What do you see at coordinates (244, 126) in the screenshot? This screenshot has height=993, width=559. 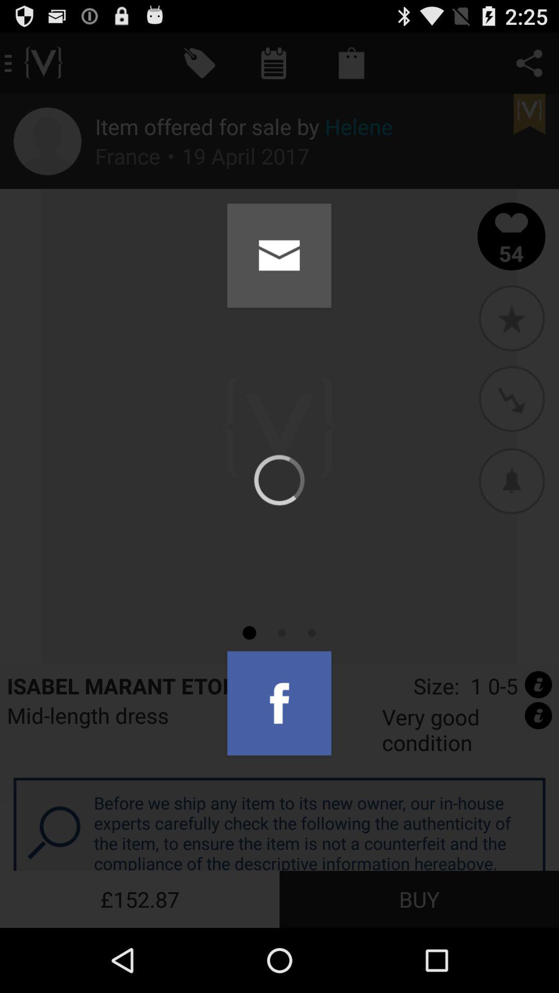 I see `icon above the france` at bounding box center [244, 126].